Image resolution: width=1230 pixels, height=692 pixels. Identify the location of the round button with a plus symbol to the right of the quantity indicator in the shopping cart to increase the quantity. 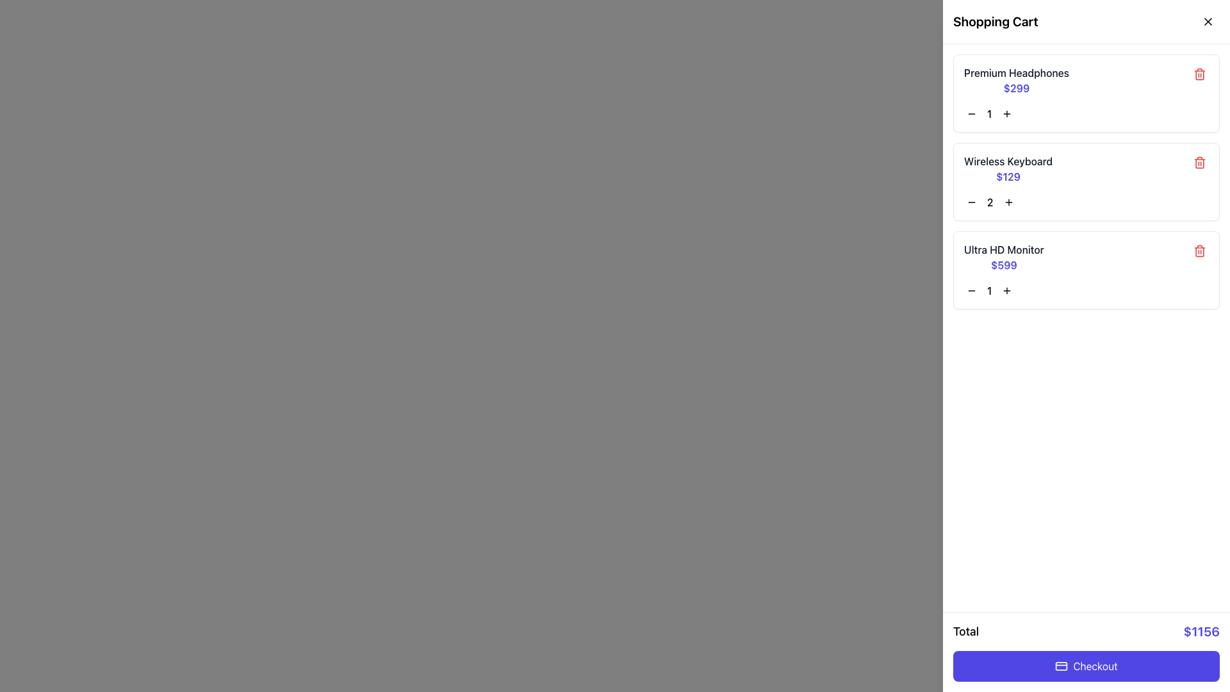
(1006, 113).